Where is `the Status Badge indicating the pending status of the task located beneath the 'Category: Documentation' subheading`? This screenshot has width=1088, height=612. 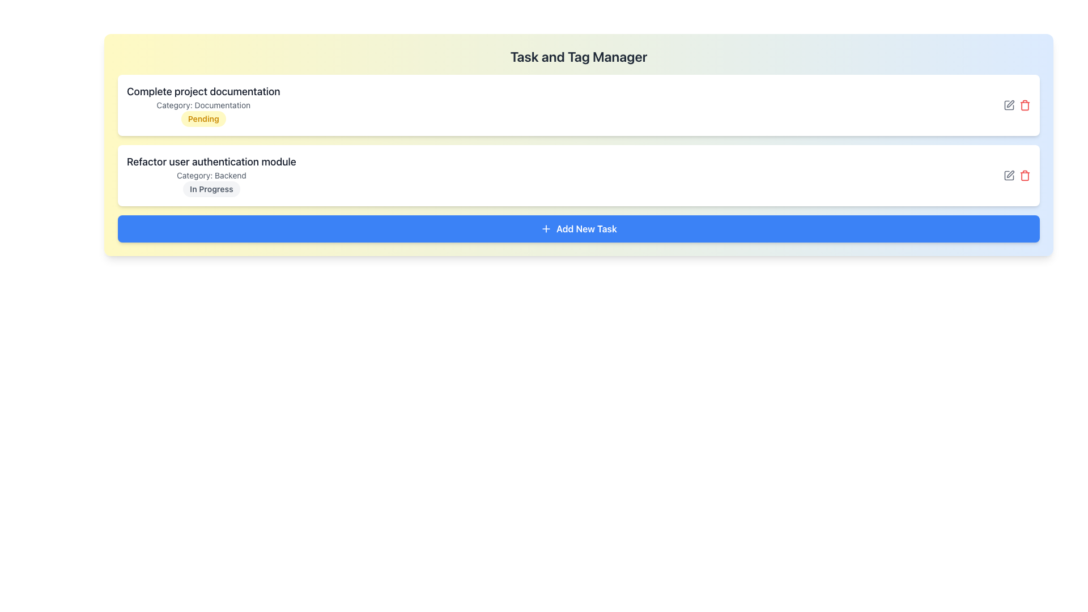 the Status Badge indicating the pending status of the task located beneath the 'Category: Documentation' subheading is located at coordinates (203, 118).